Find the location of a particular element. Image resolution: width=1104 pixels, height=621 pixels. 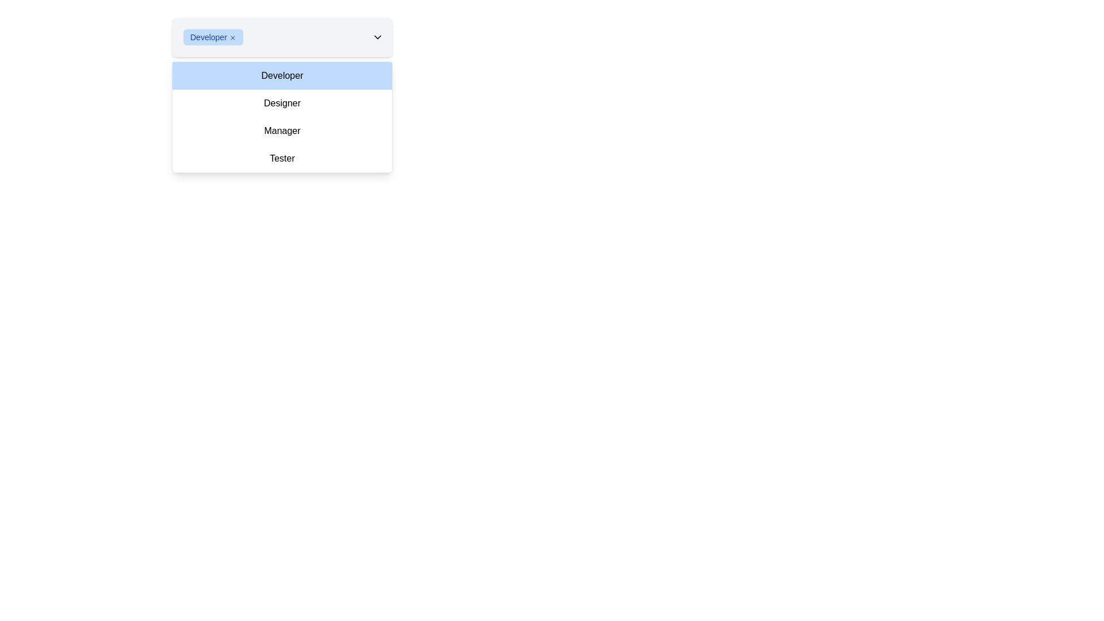

the 'x' icon on the Tag with removal option is located at coordinates (213, 37).